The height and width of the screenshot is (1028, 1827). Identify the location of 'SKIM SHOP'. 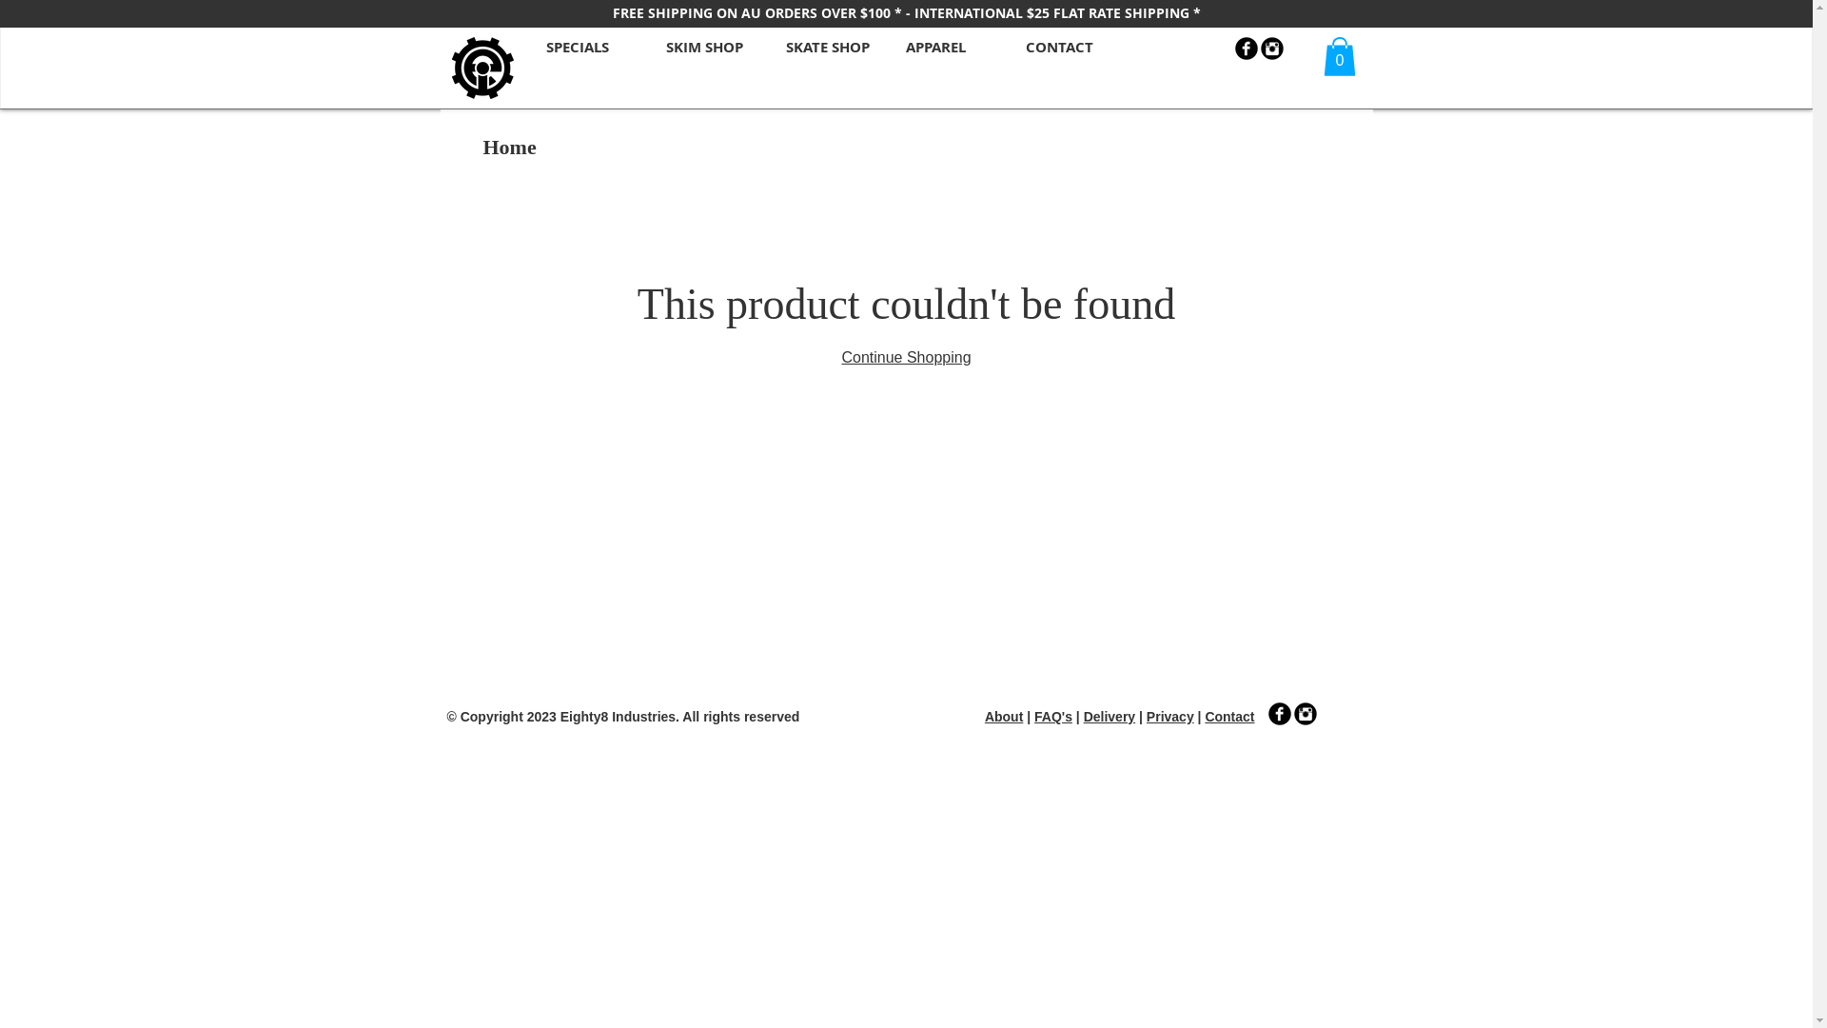
(706, 43).